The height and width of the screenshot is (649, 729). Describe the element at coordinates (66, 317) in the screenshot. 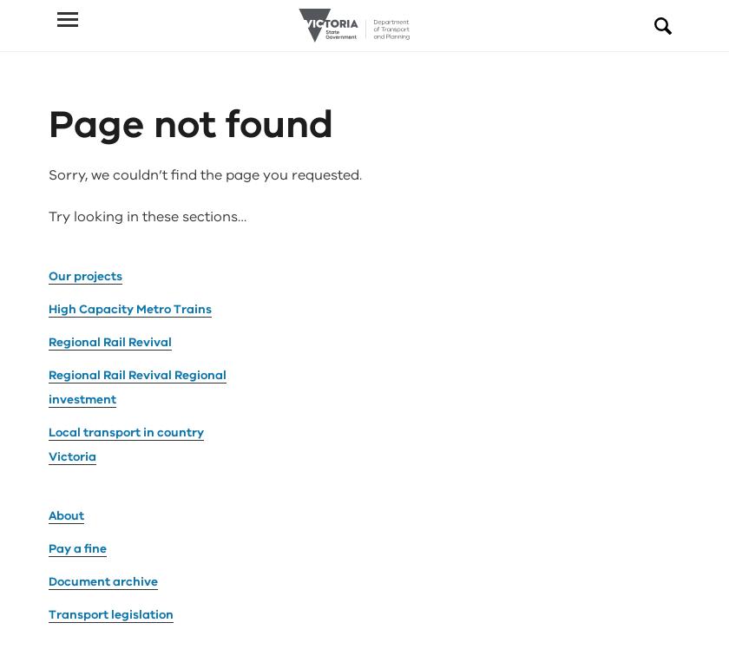

I see `'About'` at that location.